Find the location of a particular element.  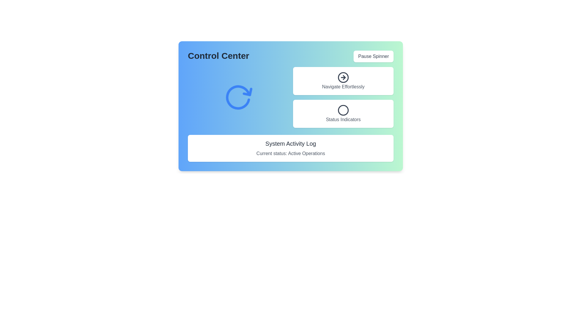

the bottom circular icon labeled 'Status Indicators' in the composite UI element containing two grouped panels to check status is located at coordinates (343, 97).